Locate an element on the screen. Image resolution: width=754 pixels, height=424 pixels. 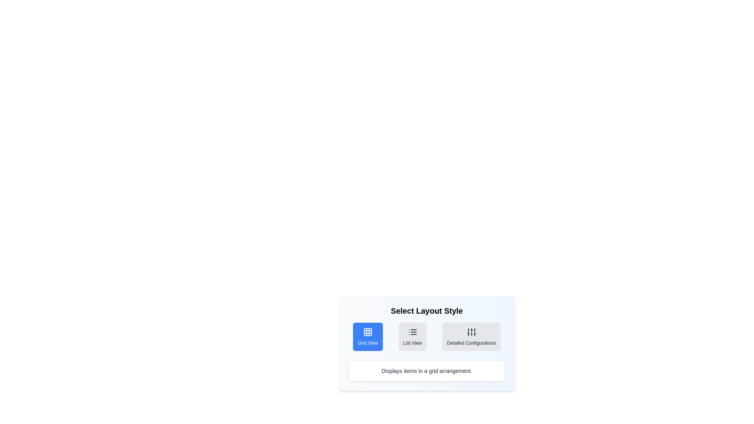
the layout style button for Grid View is located at coordinates (367, 336).